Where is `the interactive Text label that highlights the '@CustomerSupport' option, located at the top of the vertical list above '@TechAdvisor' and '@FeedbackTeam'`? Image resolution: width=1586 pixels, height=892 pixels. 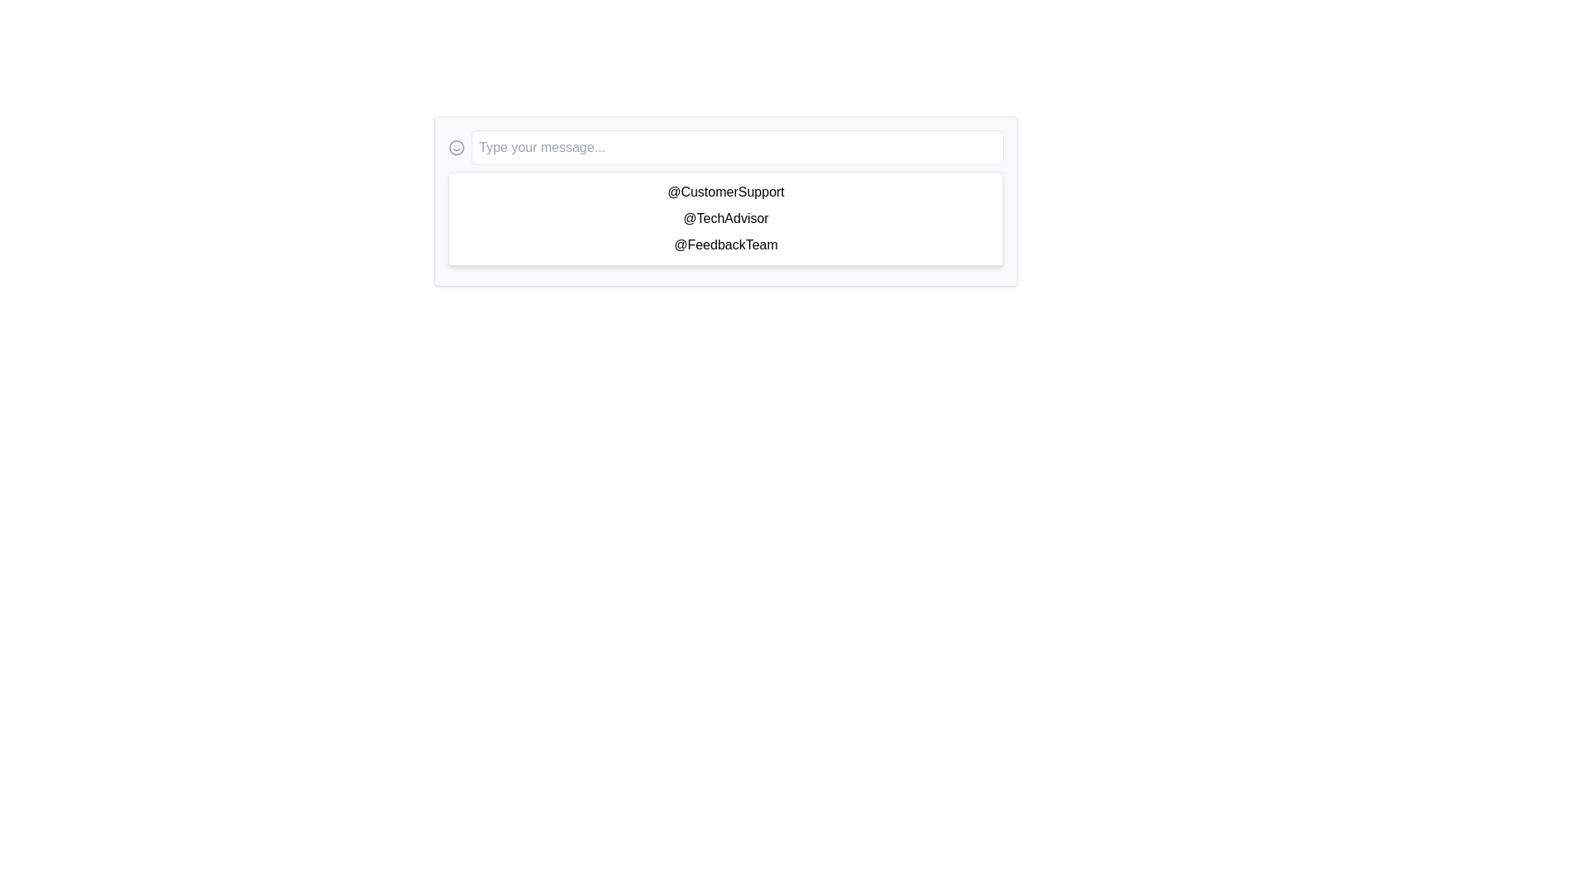
the interactive Text label that highlights the '@CustomerSupport' option, located at the top of the vertical list above '@TechAdvisor' and '@FeedbackTeam' is located at coordinates (725, 191).